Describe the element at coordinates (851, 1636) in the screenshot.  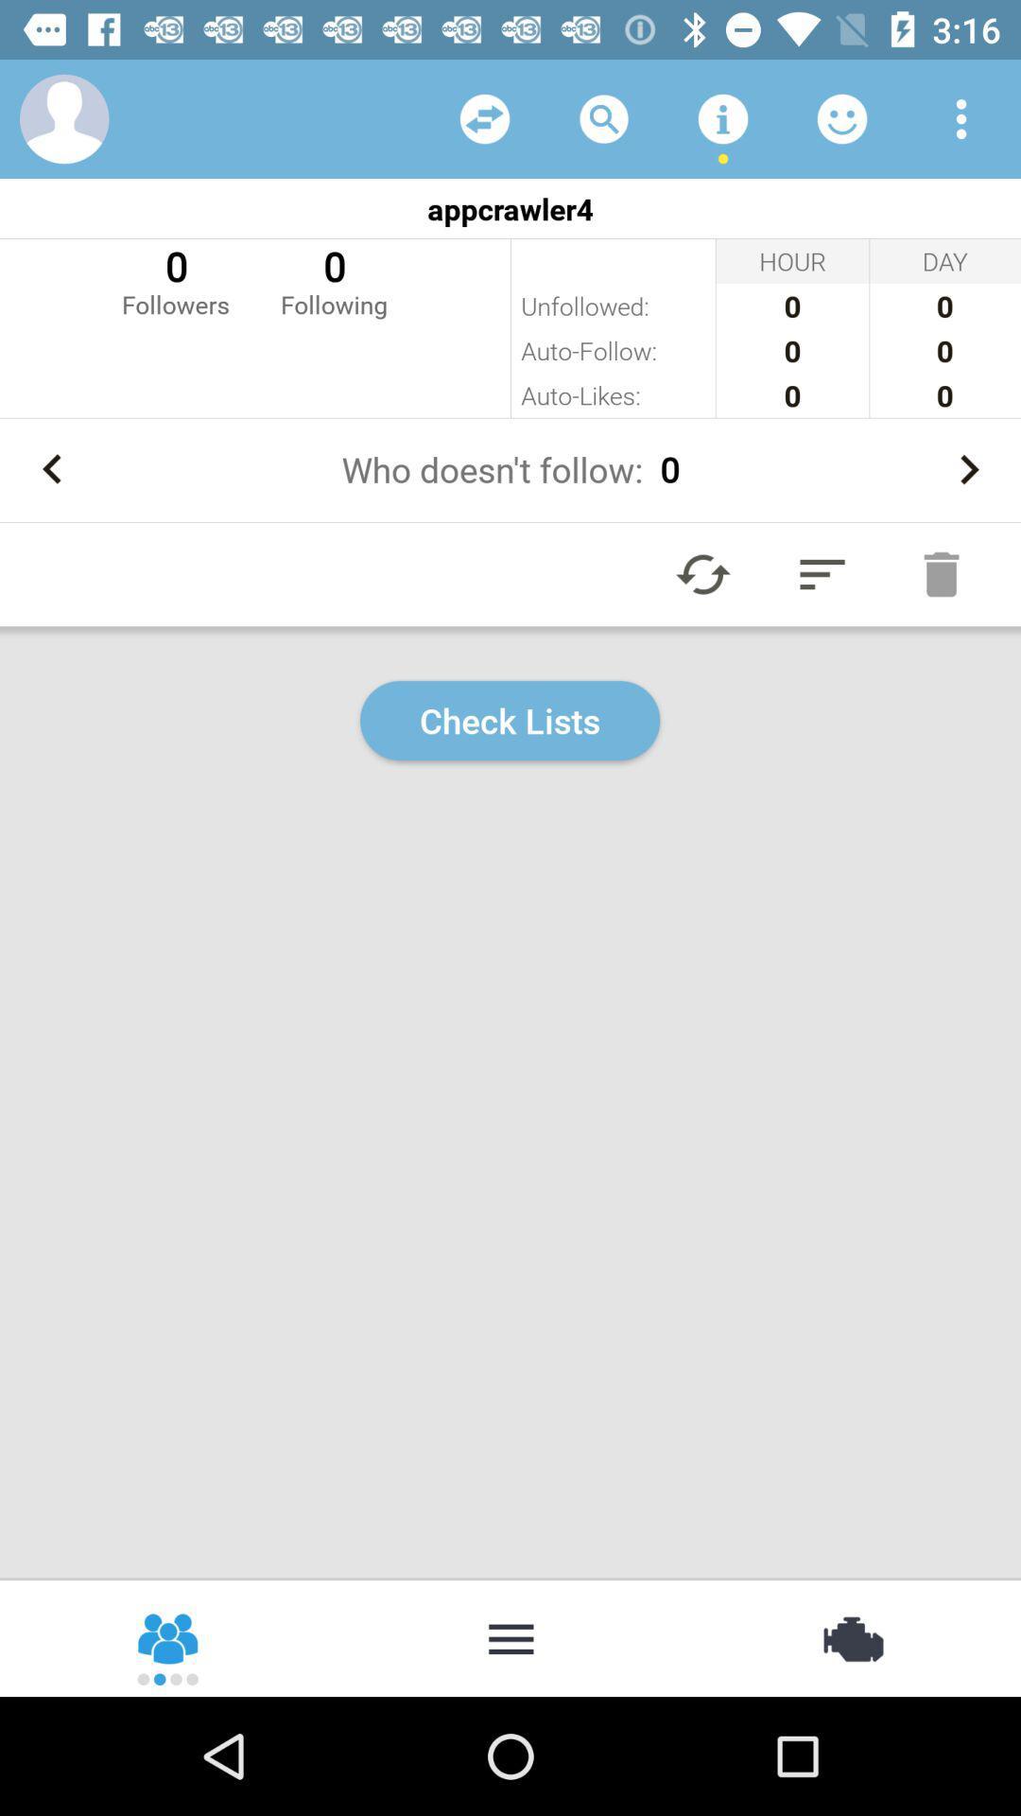
I see `the swap icon` at that location.